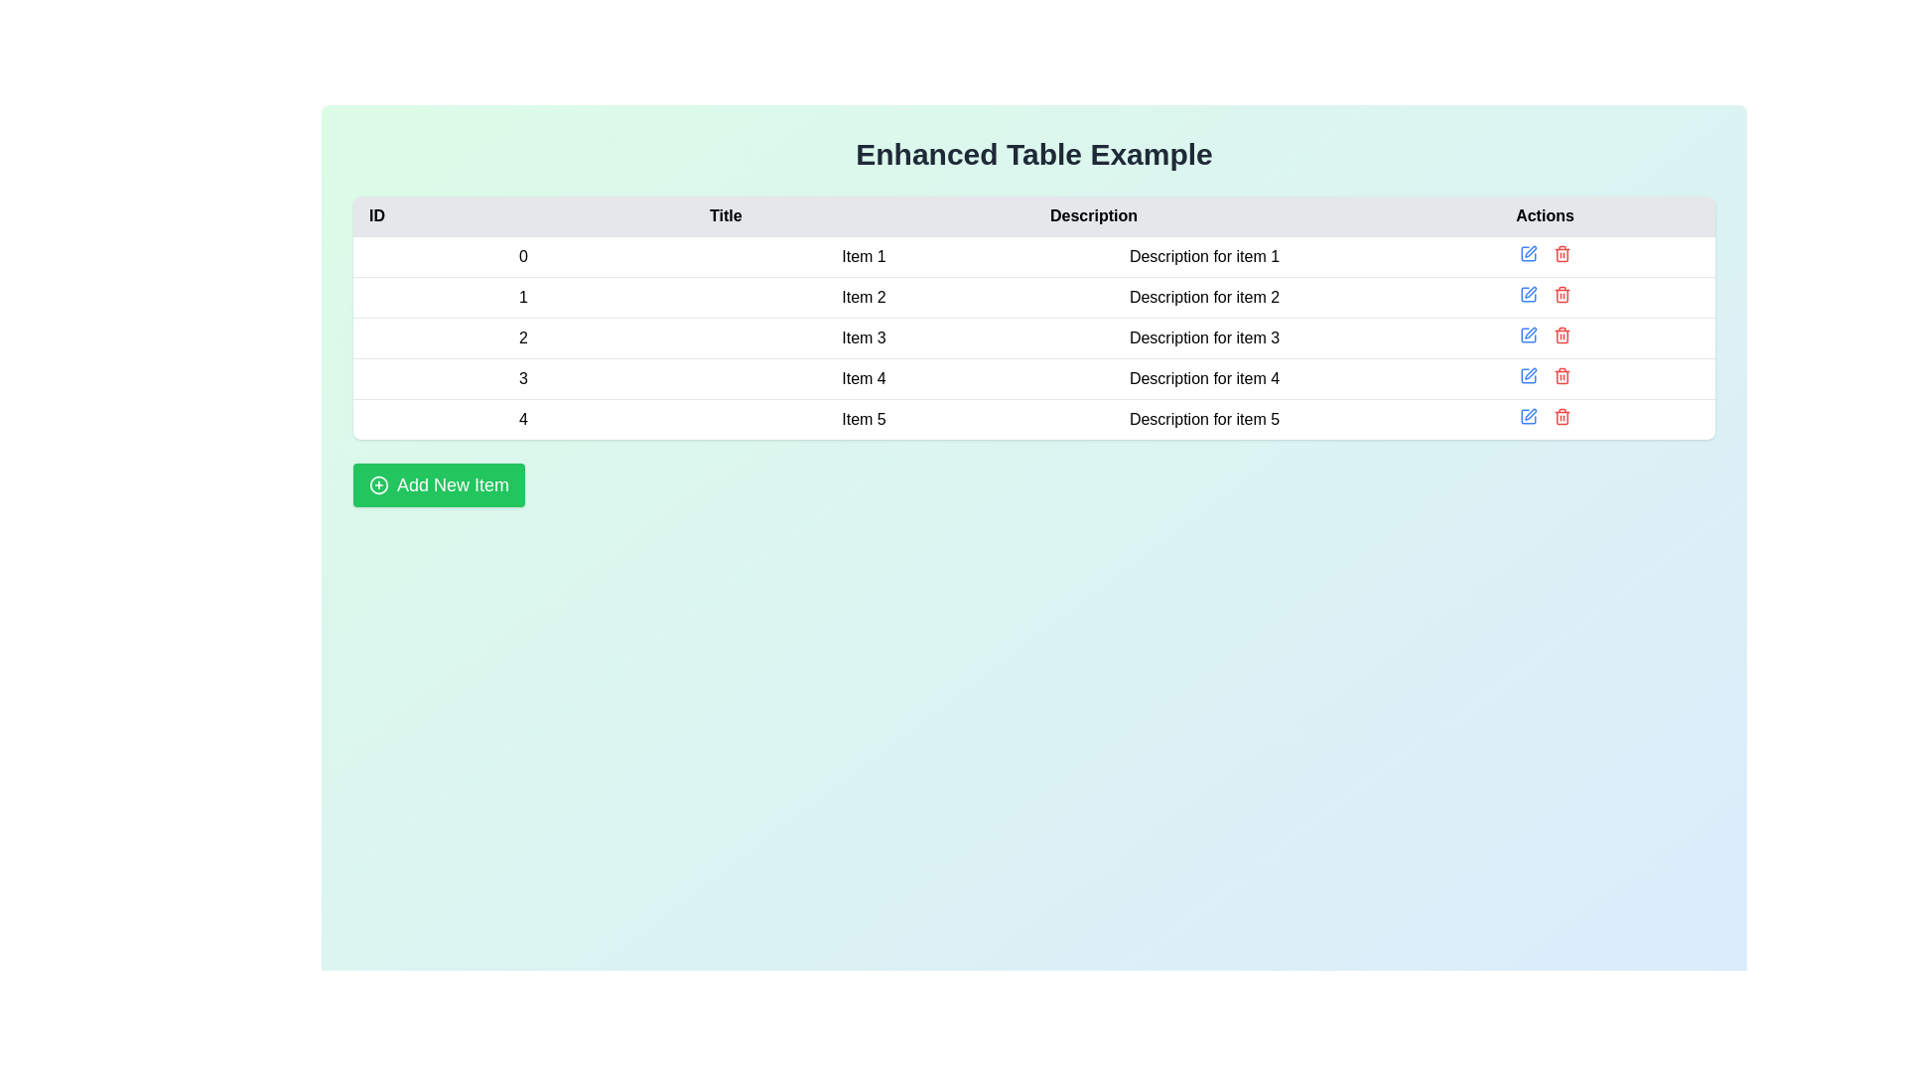 The width and height of the screenshot is (1906, 1072). What do you see at coordinates (1203, 298) in the screenshot?
I see `the static text label located in the second row of the table under the 'Description' column, which provides additional details about the item represented in that row` at bounding box center [1203, 298].